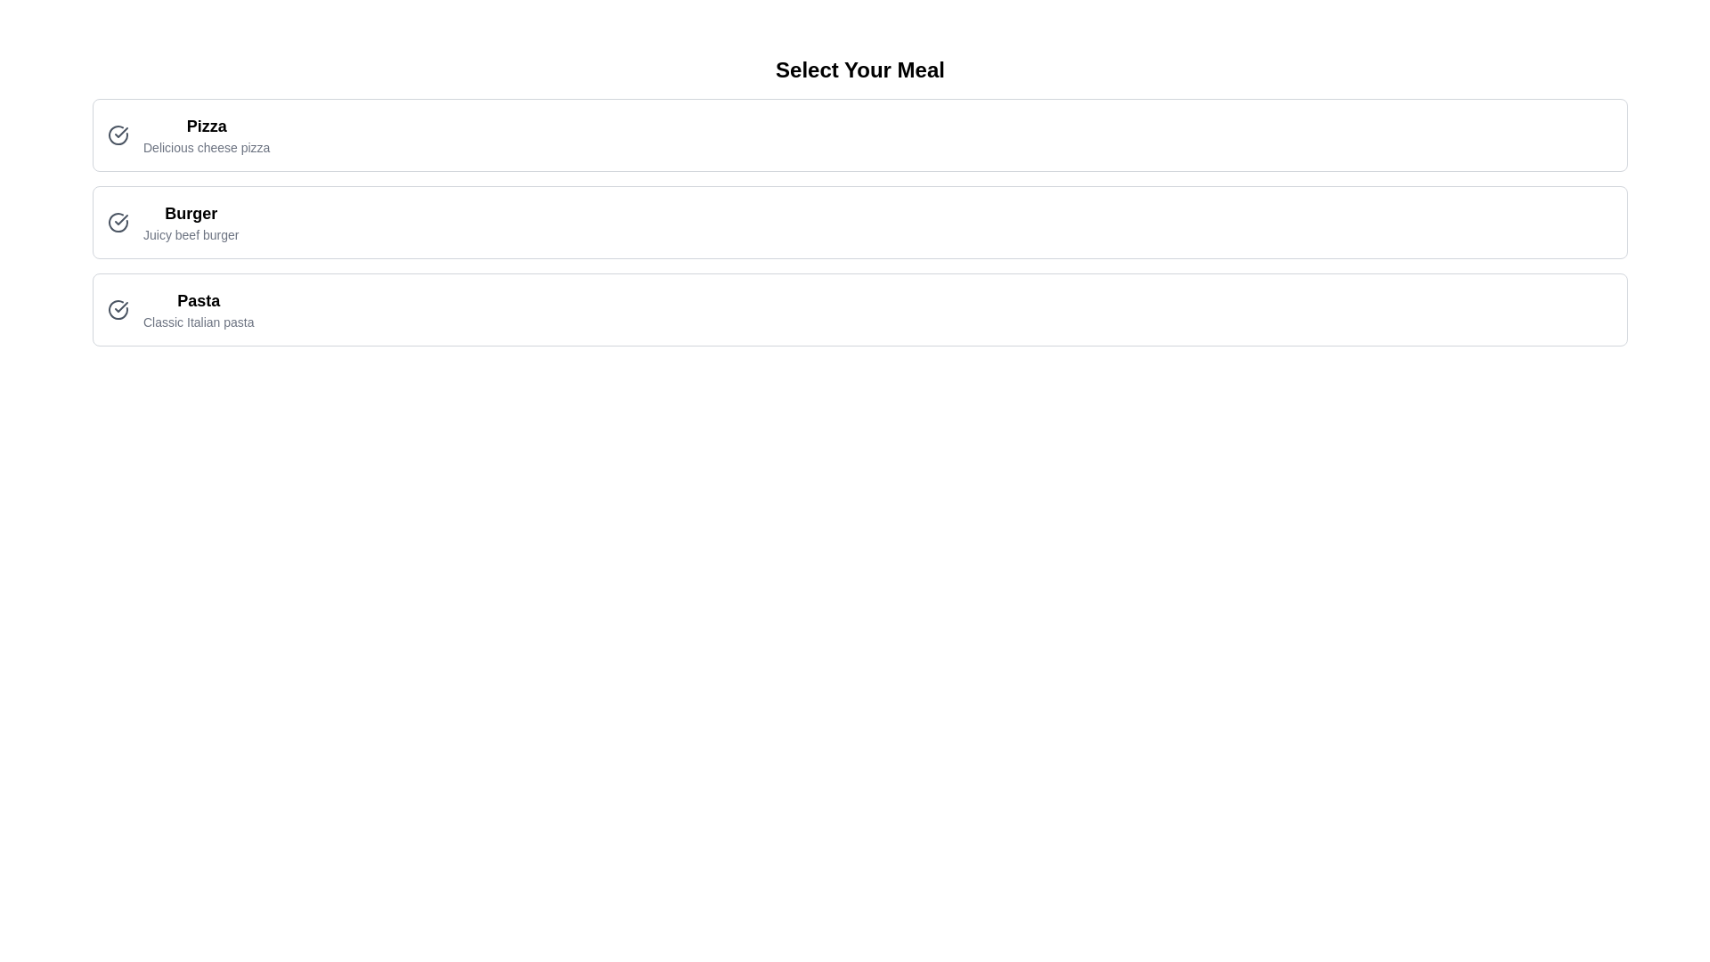 The image size is (1710, 962). I want to click on the 'Pizza' text label group, which displays 'Pizza' in bold and larger font, followed by 'Delicious cheese pizza' in smaller grayed font, so click(207, 134).